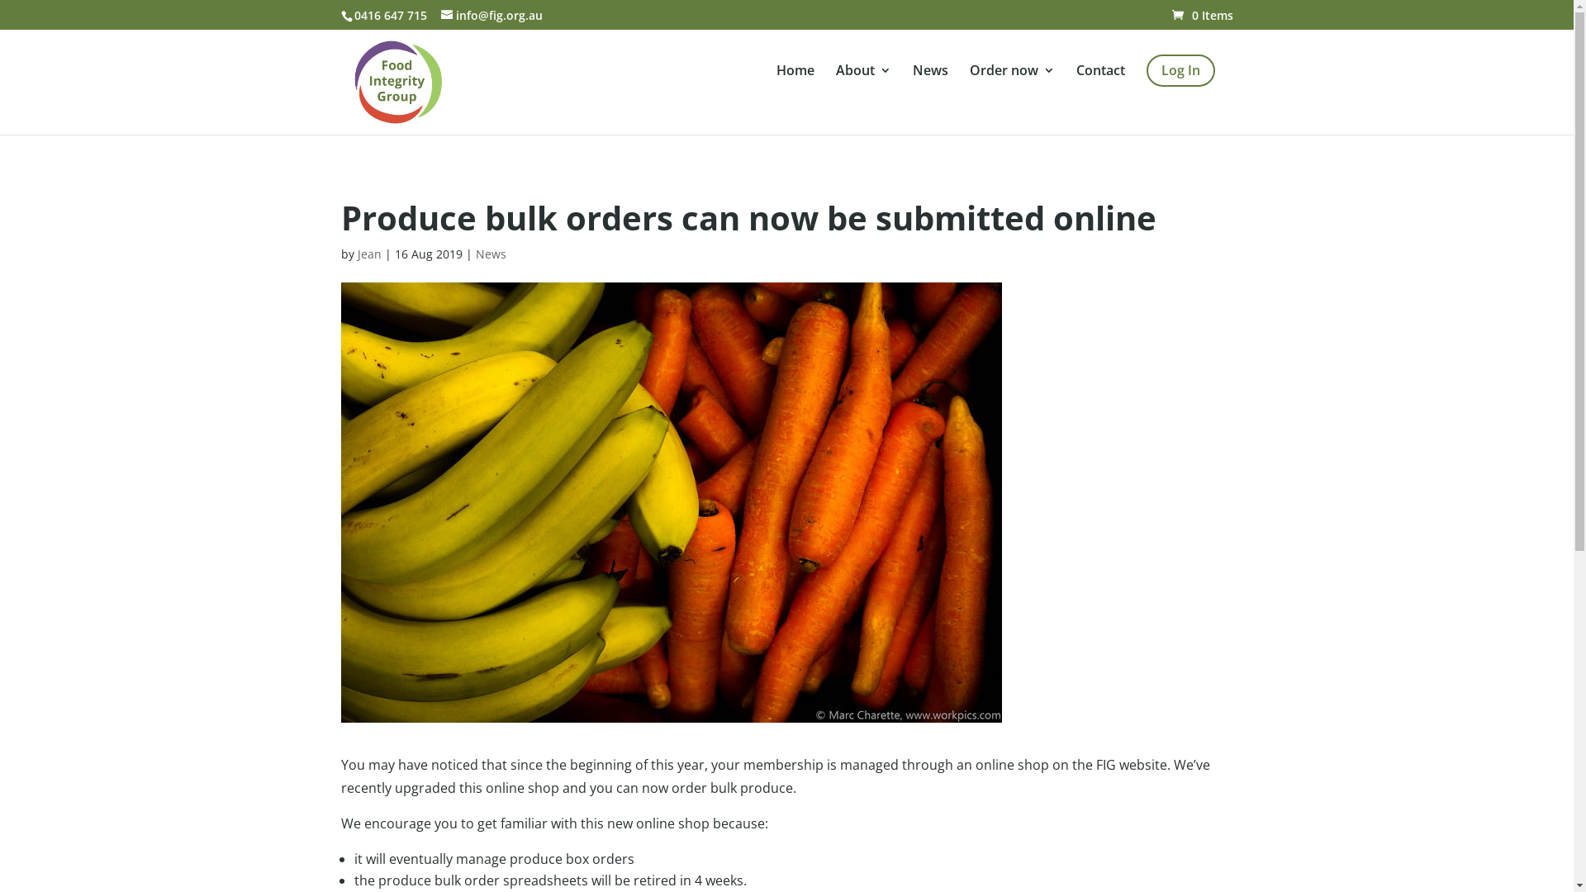 The height and width of the screenshot is (892, 1586). I want to click on 'News', so click(929, 83).